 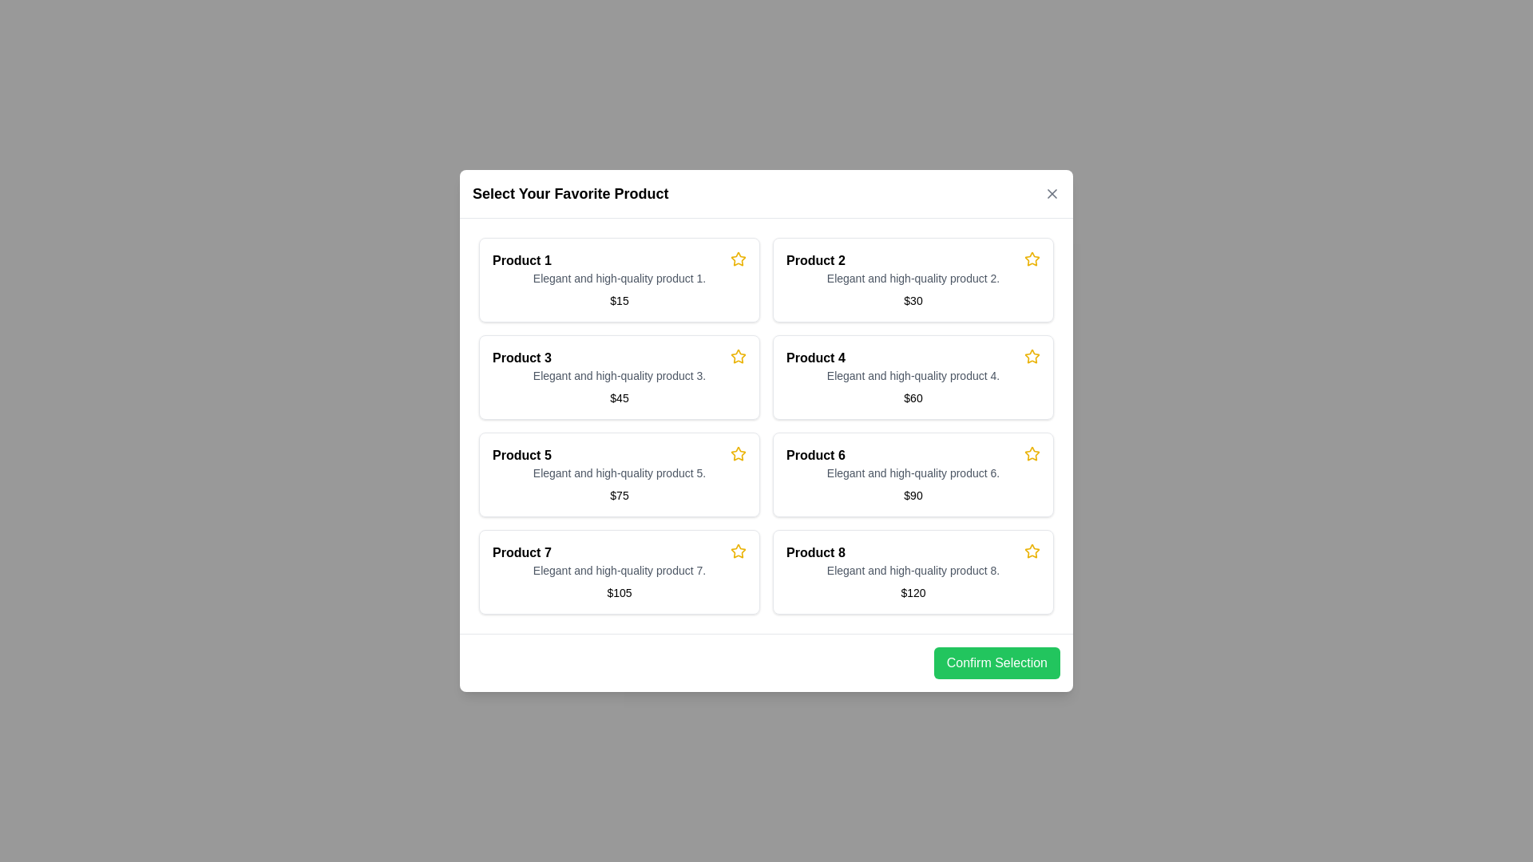 What do you see at coordinates (996, 662) in the screenshot?
I see `the 'Confirm Selection' button to confirm the selected product` at bounding box center [996, 662].